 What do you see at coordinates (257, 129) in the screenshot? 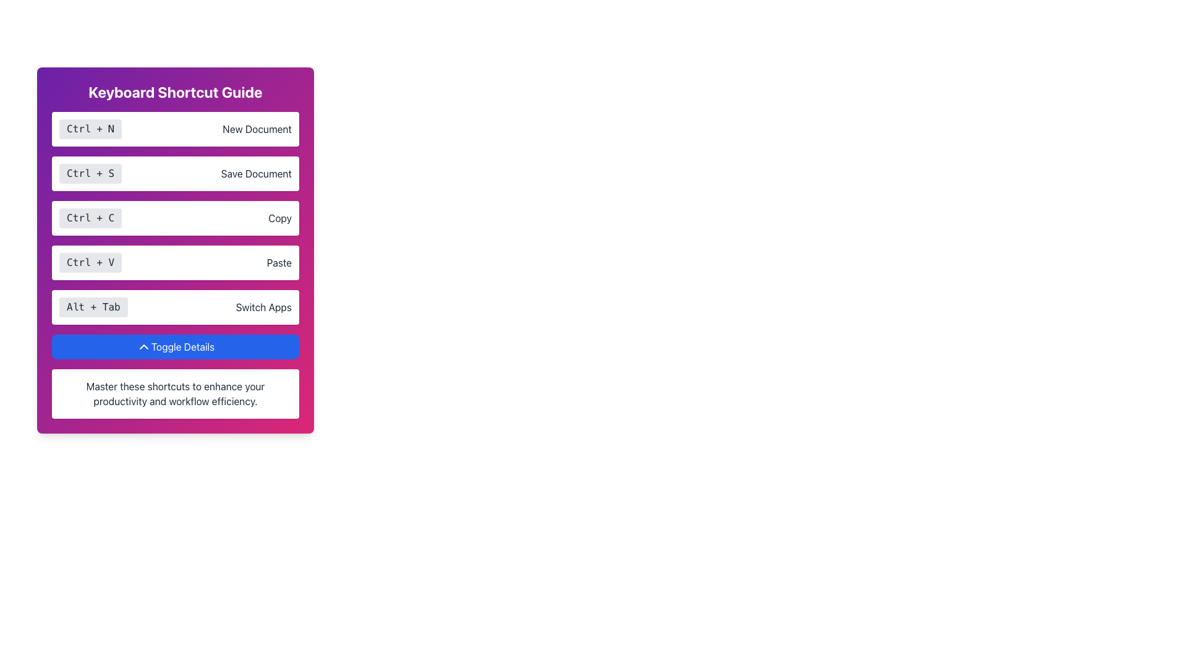
I see `the informative label indicating the purpose of the 'Ctrl + N' keyboard shortcut, which is located to the right of the 'Ctrl + N' label in the uppermost row of shortcut descriptions` at bounding box center [257, 129].